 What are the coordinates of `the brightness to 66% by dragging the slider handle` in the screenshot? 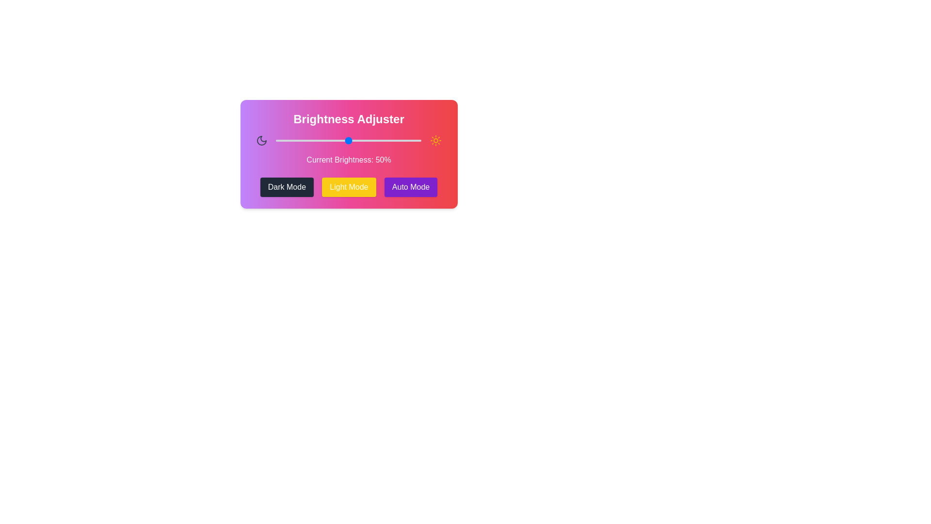 It's located at (371, 140).